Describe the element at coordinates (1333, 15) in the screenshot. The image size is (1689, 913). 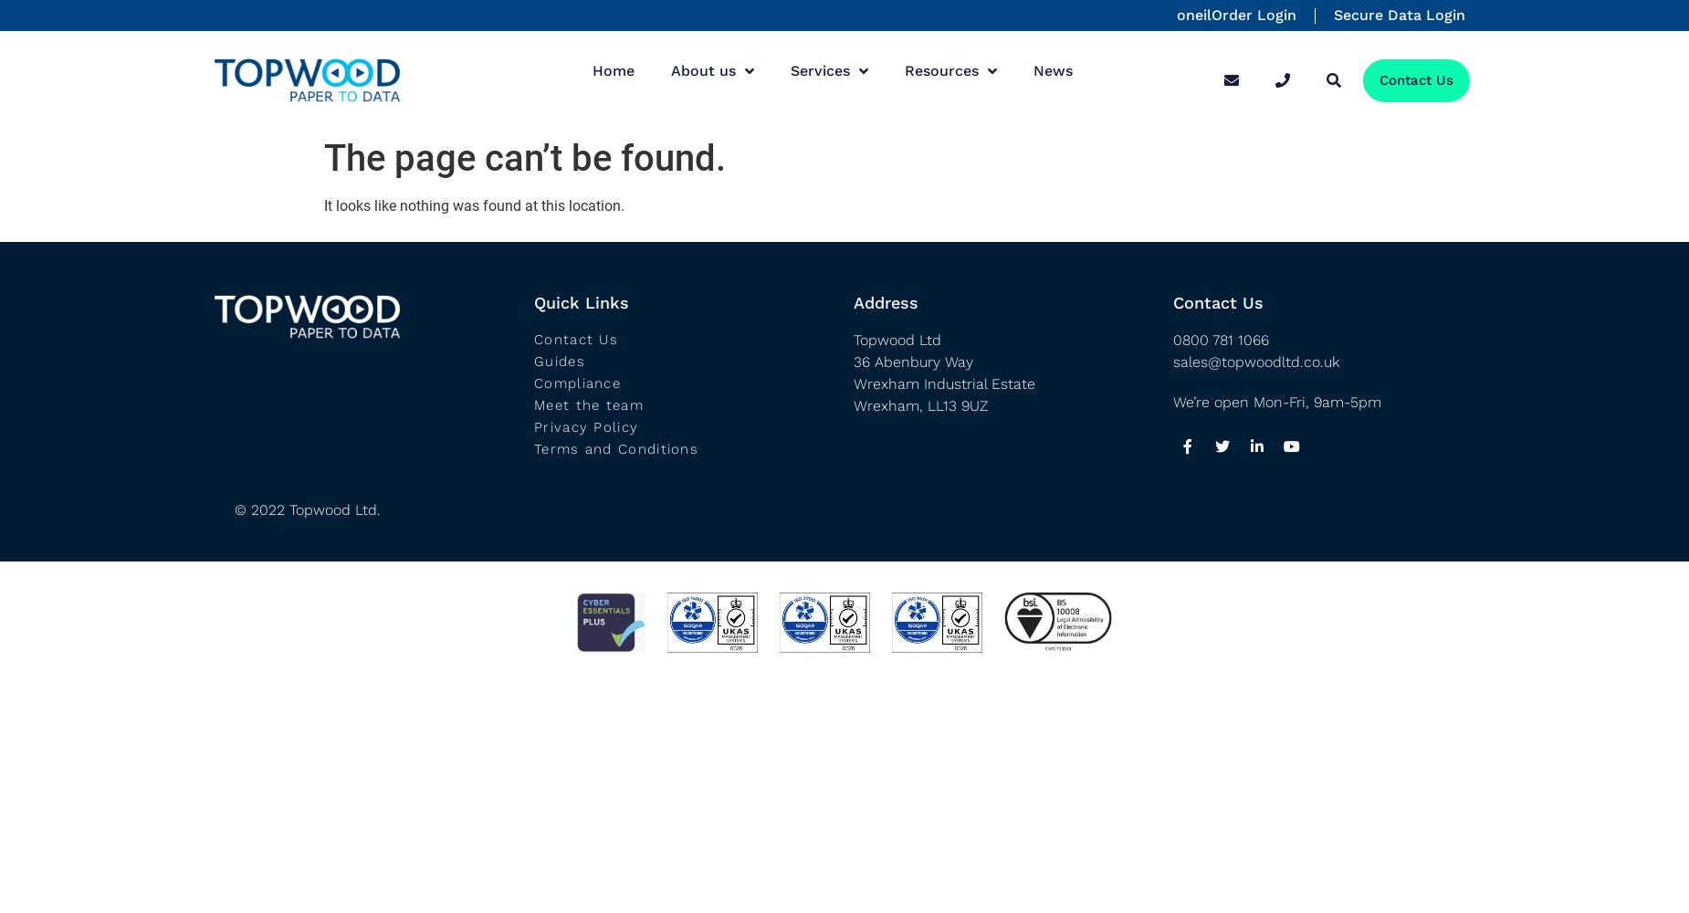
I see `'Secure Data Login'` at that location.